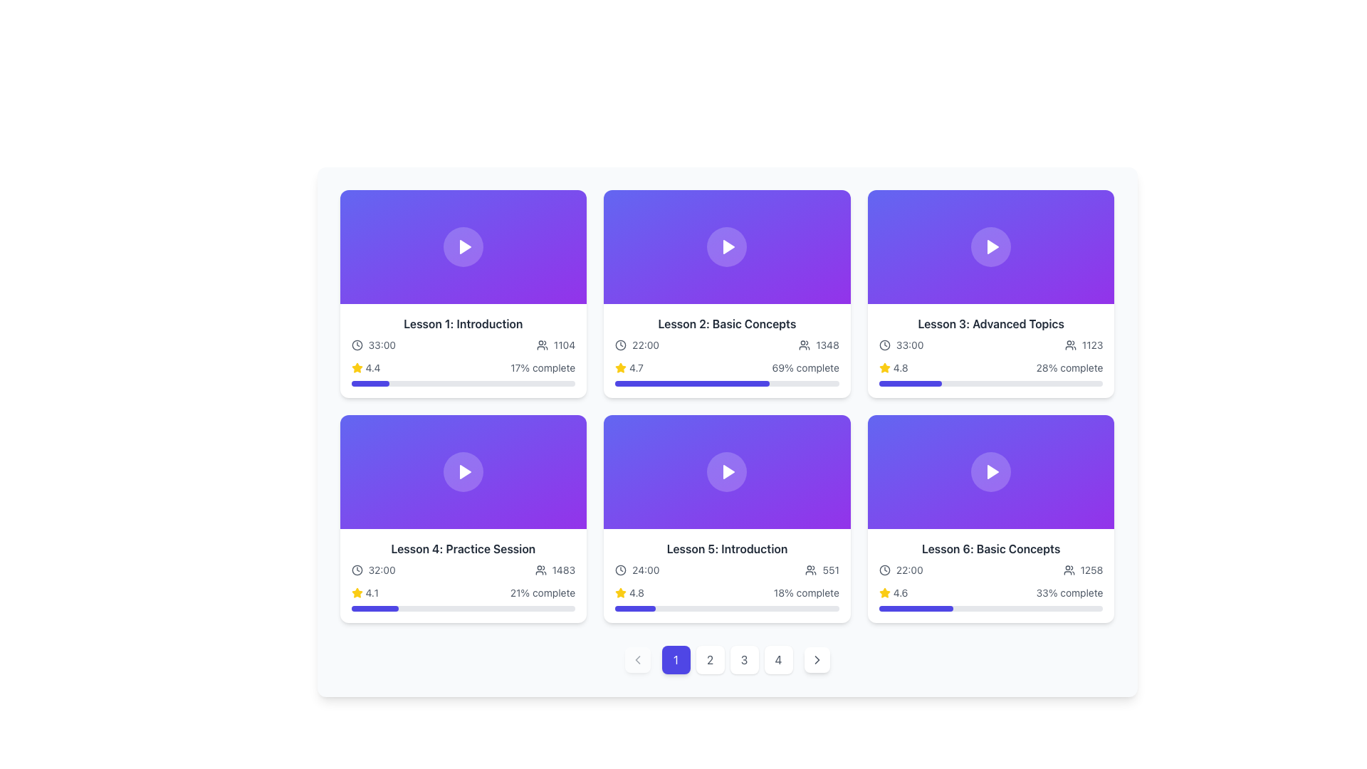 The width and height of the screenshot is (1367, 769). I want to click on the text label displaying '22:00', which is styled with a dark font color against a white background and positioned to the right of a clock icon in the layout below 'Lesson 2: Basic Concepts', so click(645, 345).